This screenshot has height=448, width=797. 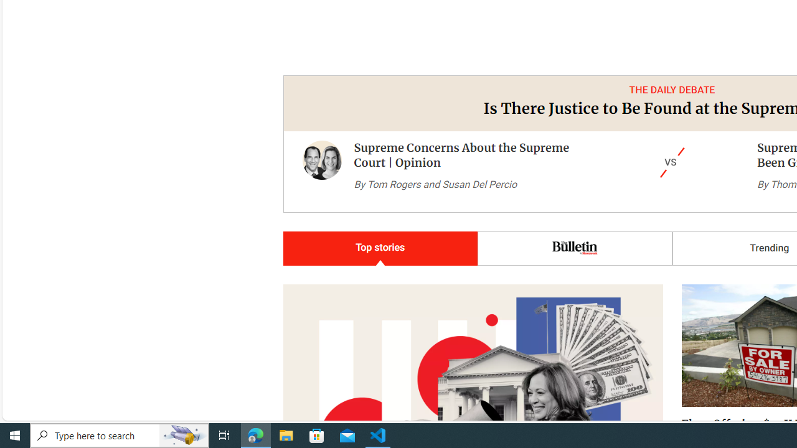 I want to click on 'Supreme Concerns About the Supreme Court | Opinion', so click(x=322, y=172).